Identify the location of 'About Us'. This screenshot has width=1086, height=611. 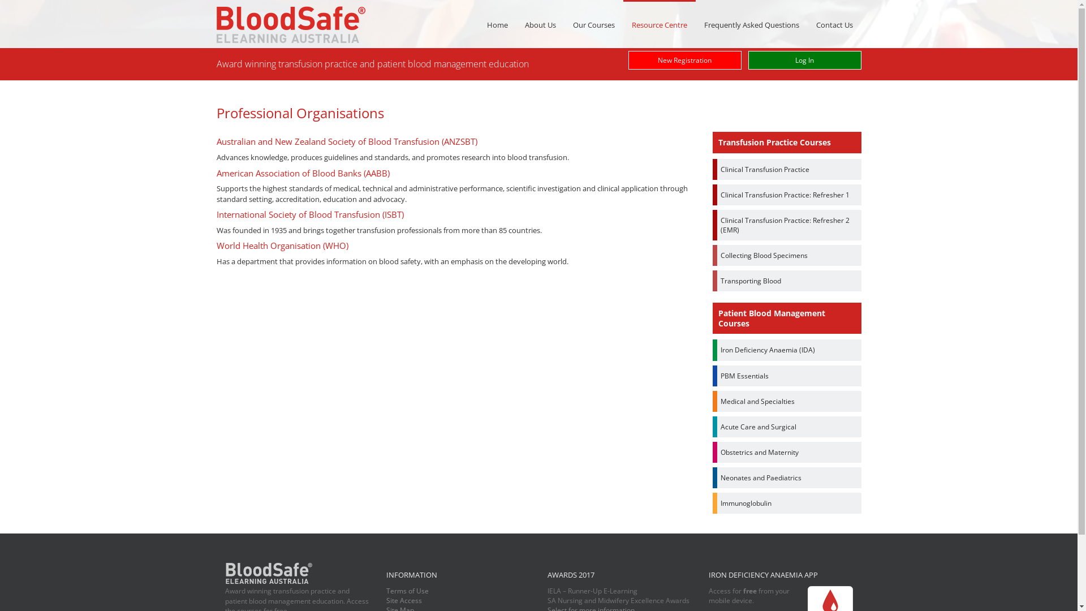
(539, 24).